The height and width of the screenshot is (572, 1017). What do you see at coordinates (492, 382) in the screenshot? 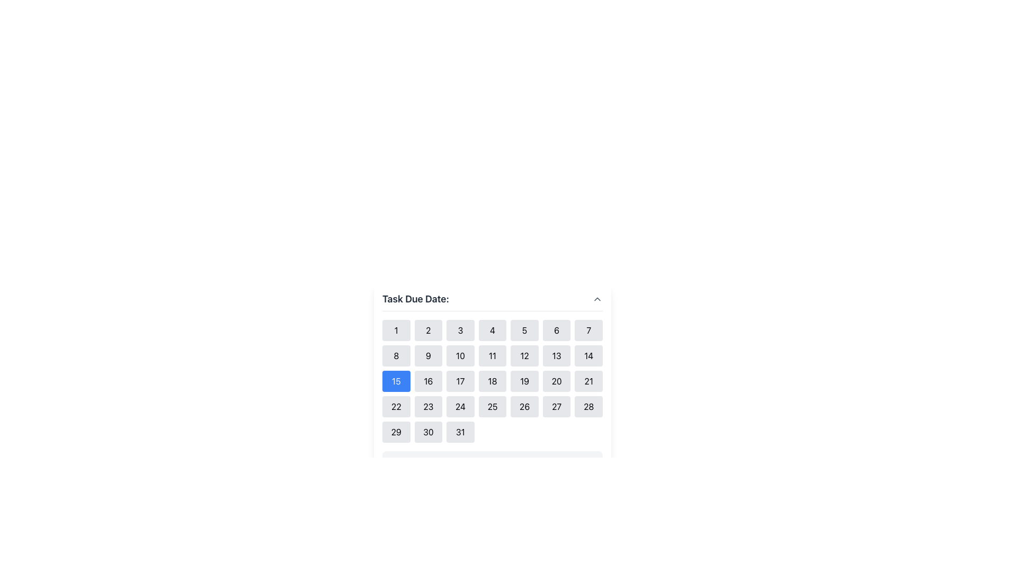
I see `the highlighted calendar date button representing the number 18, located in the third row, fourth item of the grid layout under 'Task Due Date:' in the modal dialogue box` at bounding box center [492, 382].